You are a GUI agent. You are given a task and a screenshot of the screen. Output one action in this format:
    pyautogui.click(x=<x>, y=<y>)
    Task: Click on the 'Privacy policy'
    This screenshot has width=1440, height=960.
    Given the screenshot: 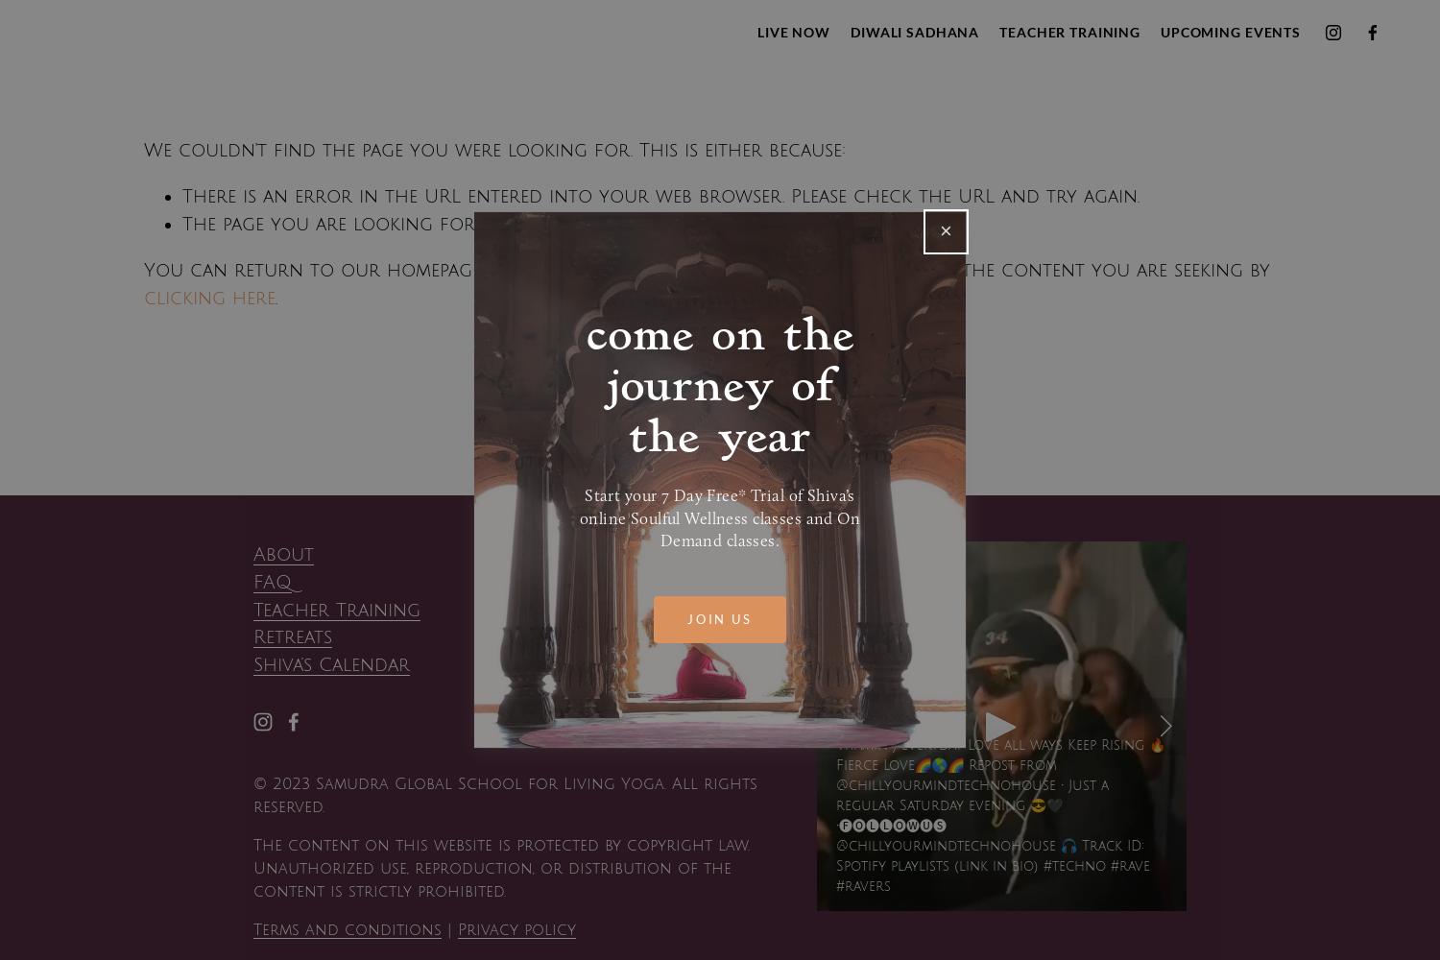 What is the action you would take?
    pyautogui.click(x=516, y=928)
    